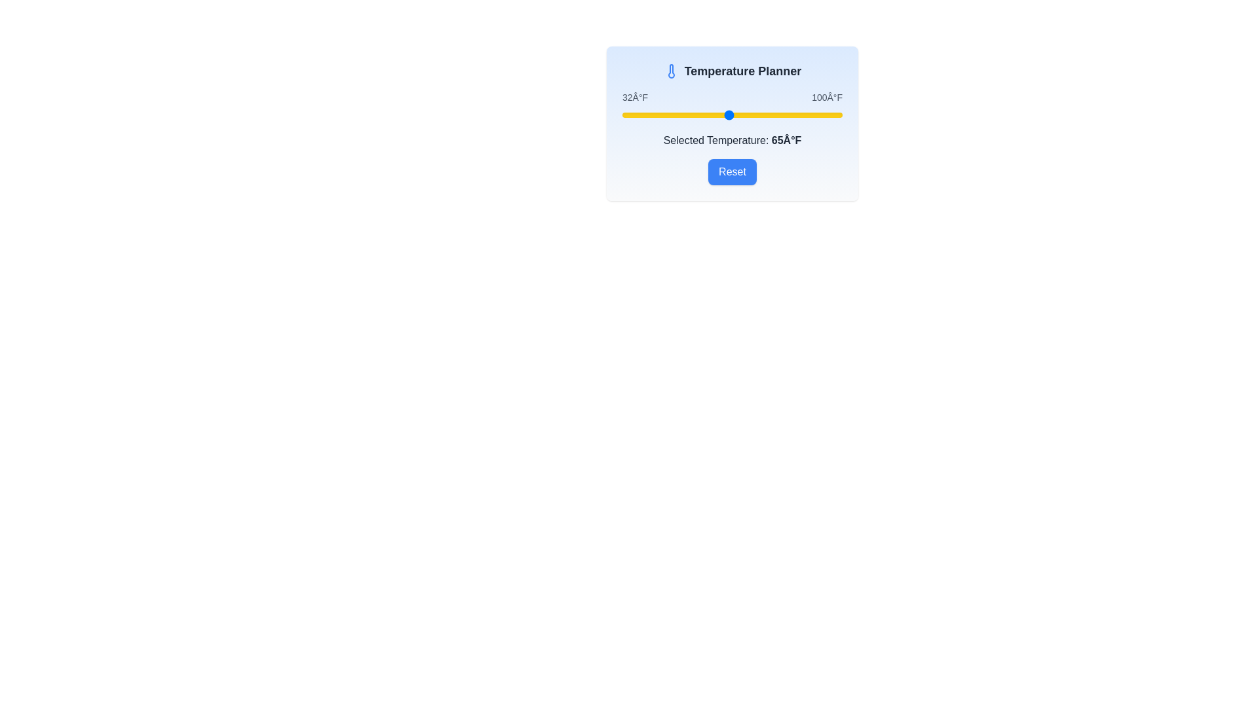 Image resolution: width=1258 pixels, height=707 pixels. What do you see at coordinates (732, 141) in the screenshot?
I see `the text 'Selected Temperature: 65°F'` at bounding box center [732, 141].